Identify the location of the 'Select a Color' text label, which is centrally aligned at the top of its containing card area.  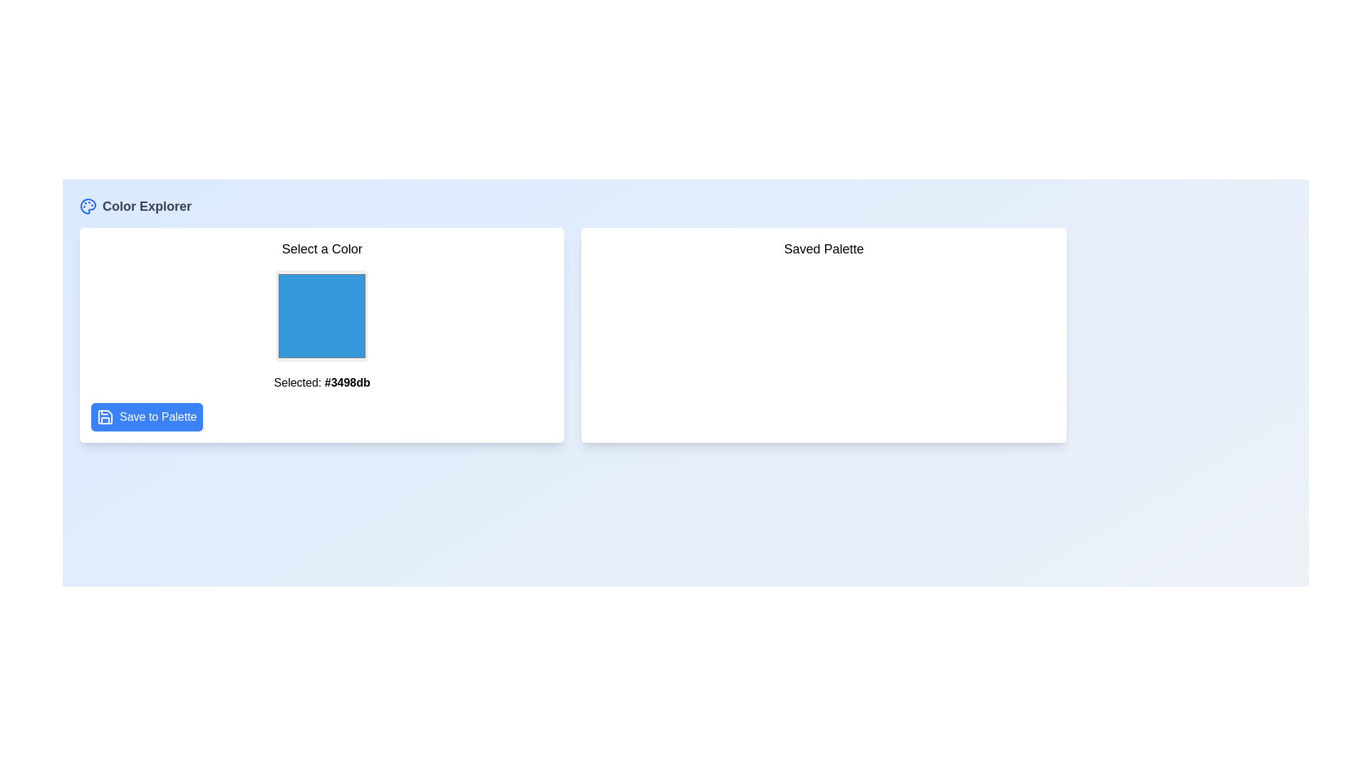
(321, 249).